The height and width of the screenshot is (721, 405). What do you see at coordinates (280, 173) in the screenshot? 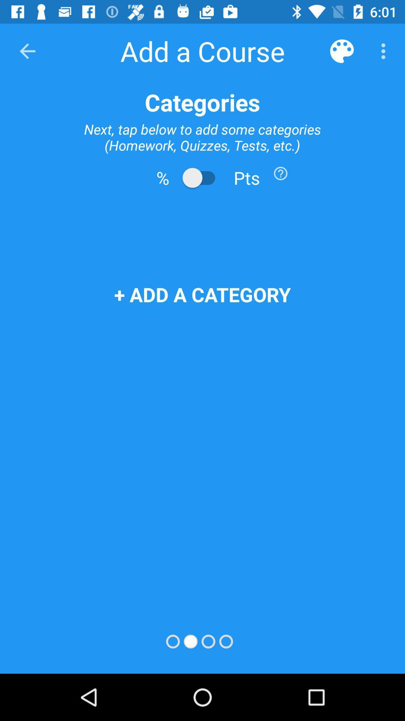
I see `the item next to the pts` at bounding box center [280, 173].